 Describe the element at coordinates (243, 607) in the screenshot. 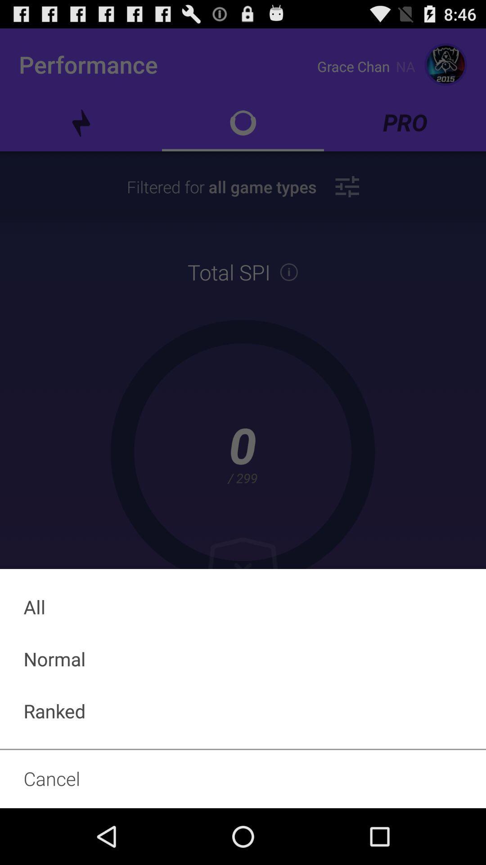

I see `the item above the normal icon` at that location.